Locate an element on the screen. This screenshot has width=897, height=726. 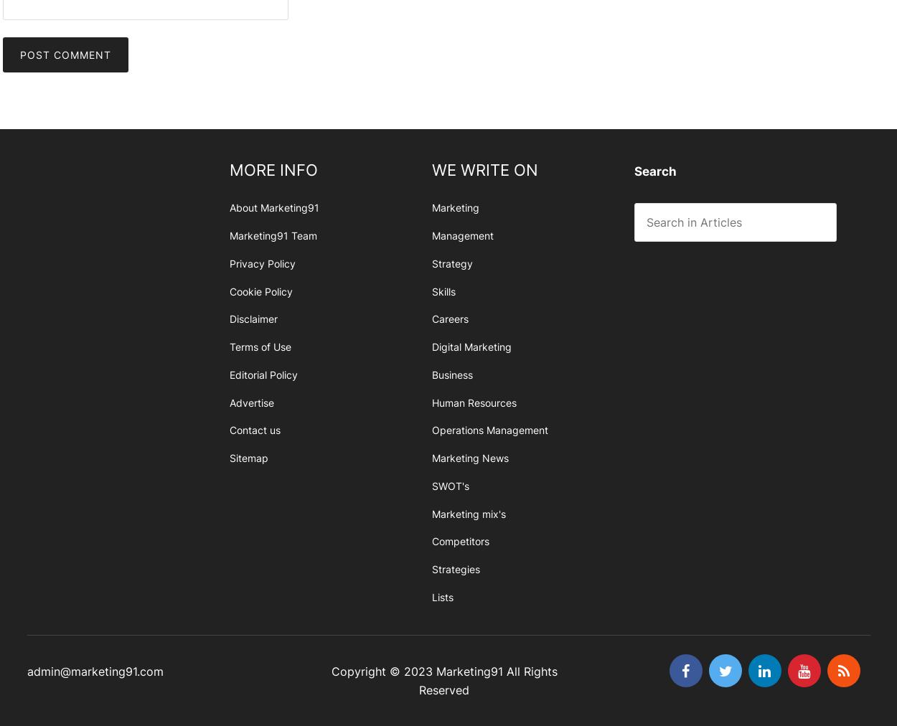
'Management' is located at coordinates (462, 235).